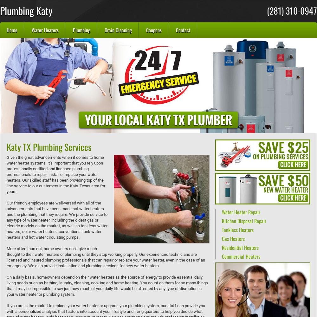 Image resolution: width=317 pixels, height=317 pixels. What do you see at coordinates (233, 239) in the screenshot?
I see `'Gas Heaters'` at bounding box center [233, 239].